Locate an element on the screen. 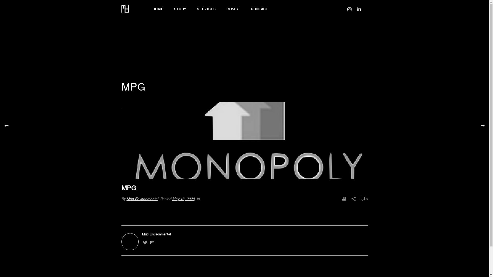  'Follow me on Twitter' is located at coordinates (145, 243).